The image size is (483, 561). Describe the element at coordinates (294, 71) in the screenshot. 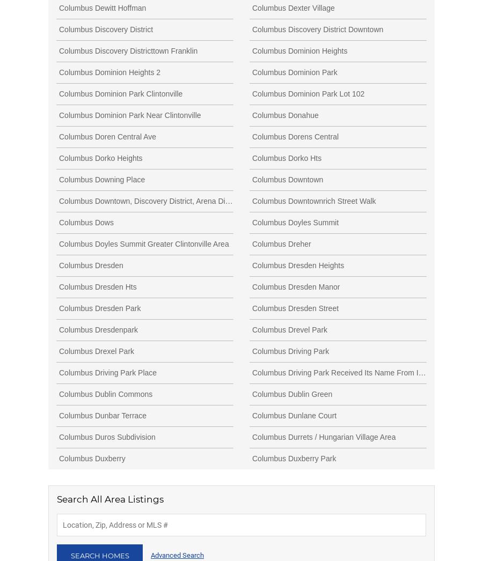

I see `'Columbus Dominion Park'` at that location.